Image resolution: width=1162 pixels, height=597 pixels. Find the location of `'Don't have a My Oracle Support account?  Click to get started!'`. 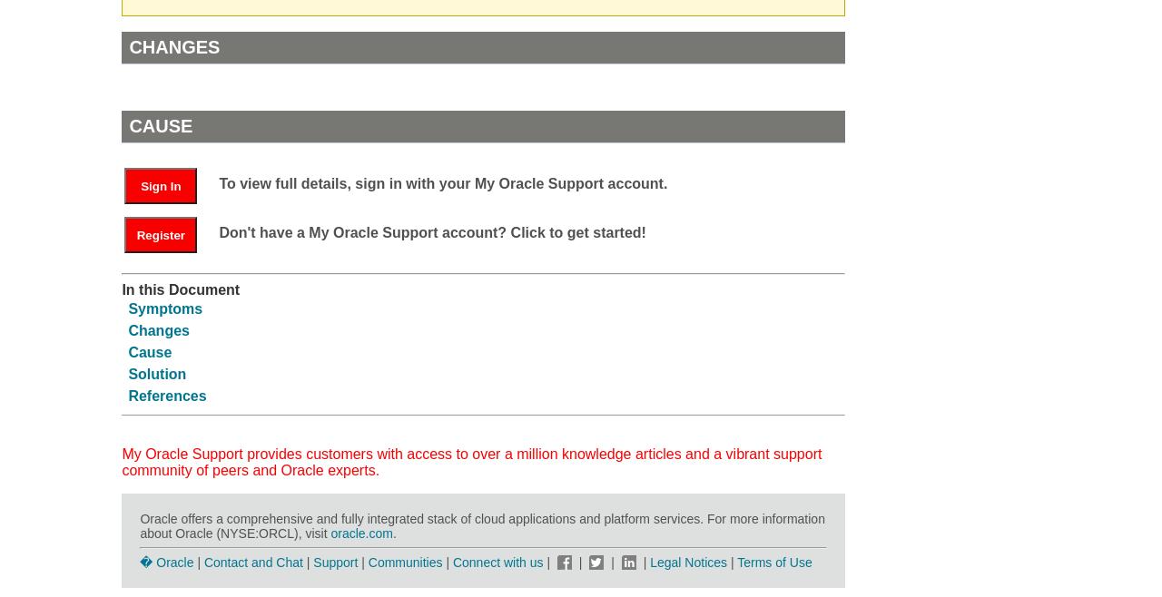

'Don't have a My Oracle Support account?  Click to get started!' is located at coordinates (431, 231).